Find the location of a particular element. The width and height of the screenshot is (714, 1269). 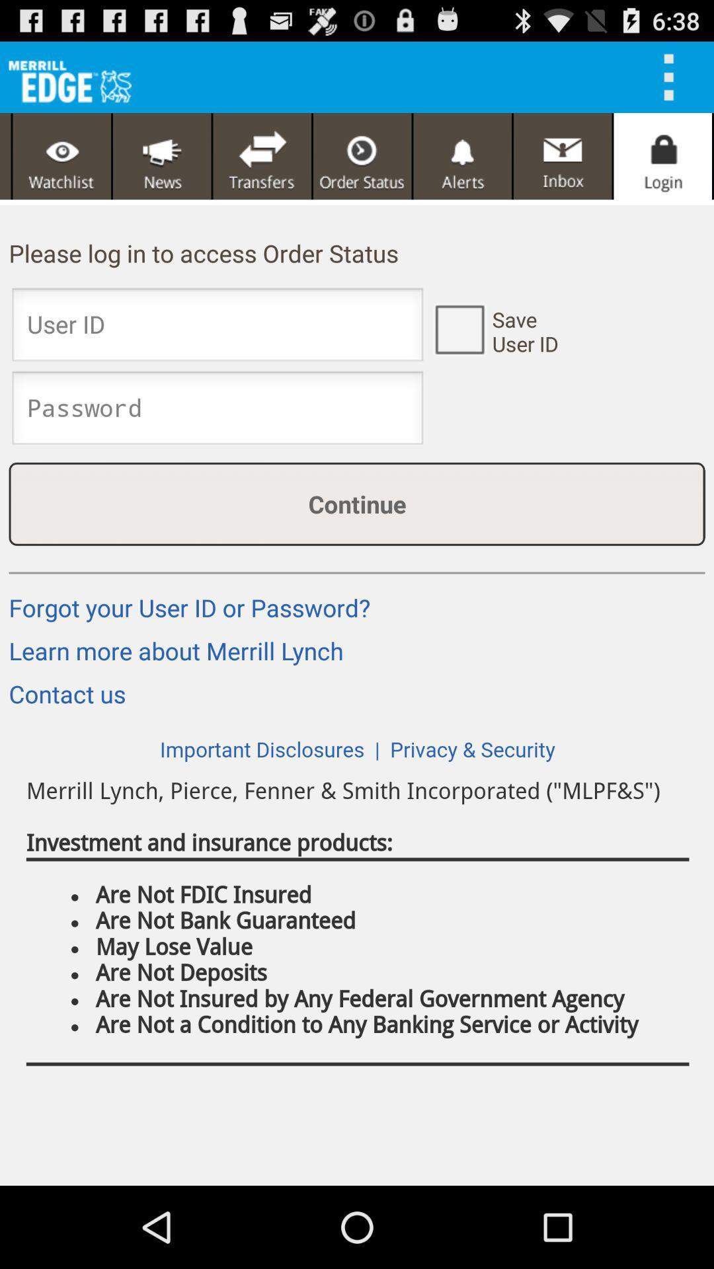

order status button is located at coordinates (362, 156).